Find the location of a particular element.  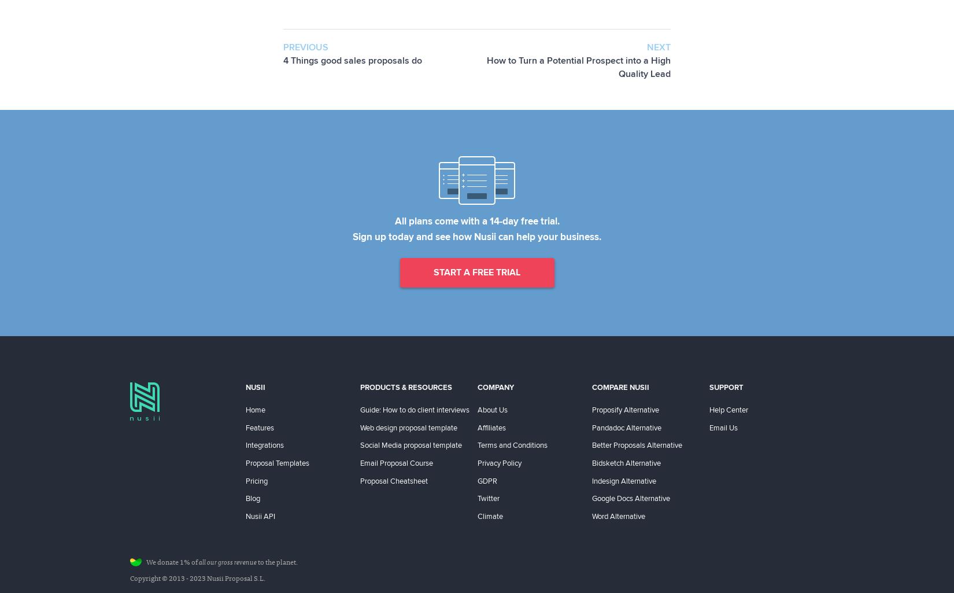

'Email Proposal Course' is located at coordinates (360, 461).